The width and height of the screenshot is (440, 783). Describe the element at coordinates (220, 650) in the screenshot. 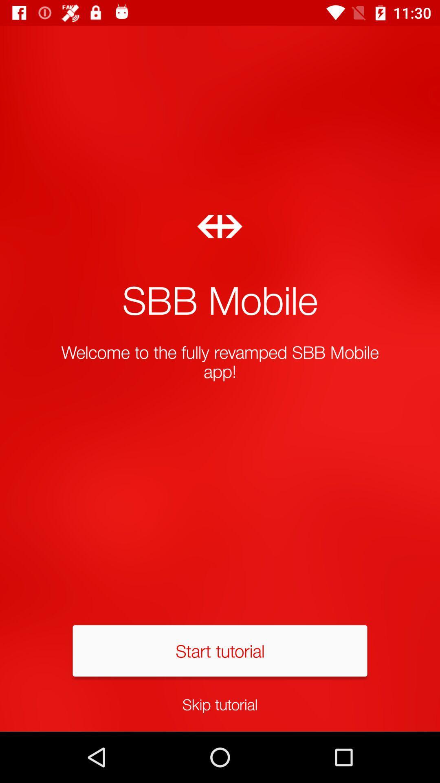

I see `icon above the skip tutorial` at that location.